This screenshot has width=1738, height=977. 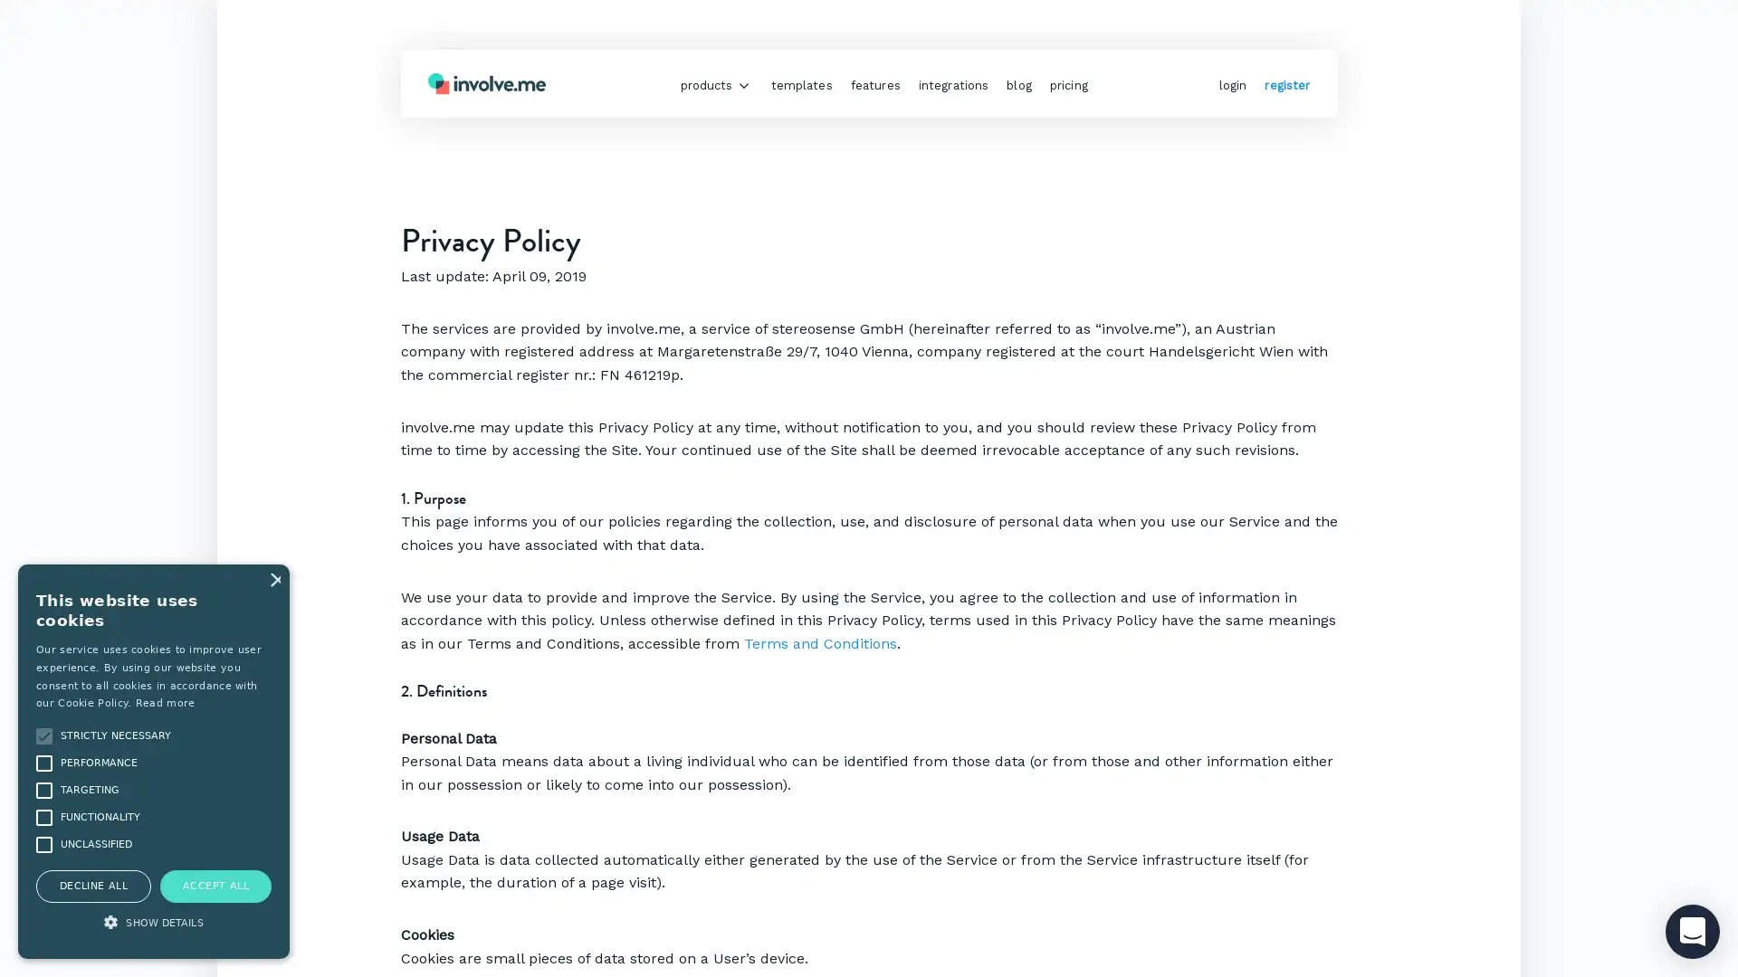 I want to click on Open Intercom Messenger, so click(x=1692, y=931).